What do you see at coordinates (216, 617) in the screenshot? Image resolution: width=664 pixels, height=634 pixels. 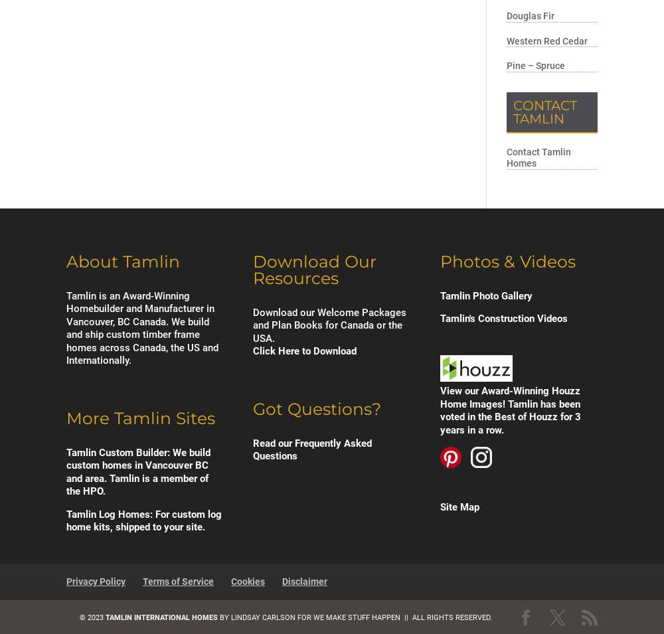 I see `'by'` at bounding box center [216, 617].